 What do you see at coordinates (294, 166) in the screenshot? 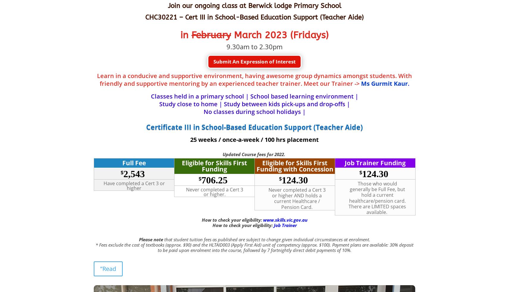
I see `'Eligible for Skills First Funding with Concession'` at bounding box center [294, 166].